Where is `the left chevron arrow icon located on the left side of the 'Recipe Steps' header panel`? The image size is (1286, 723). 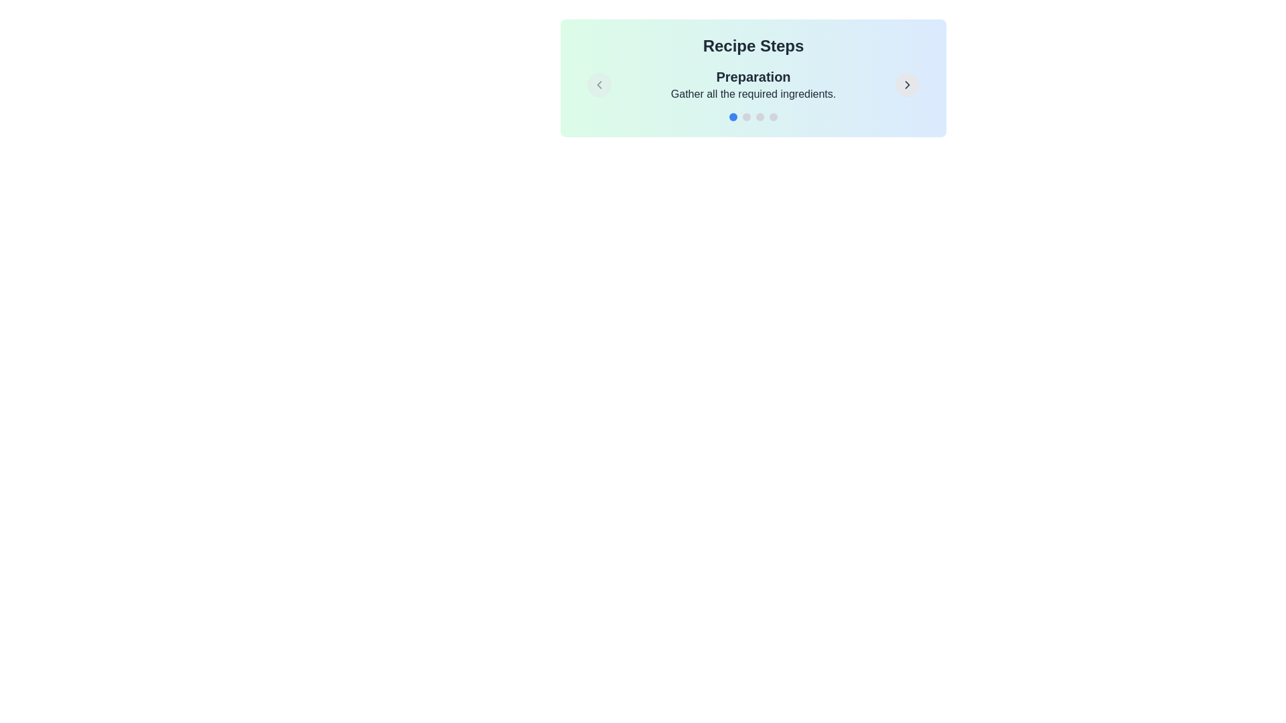 the left chevron arrow icon located on the left side of the 'Recipe Steps' header panel is located at coordinates (598, 85).